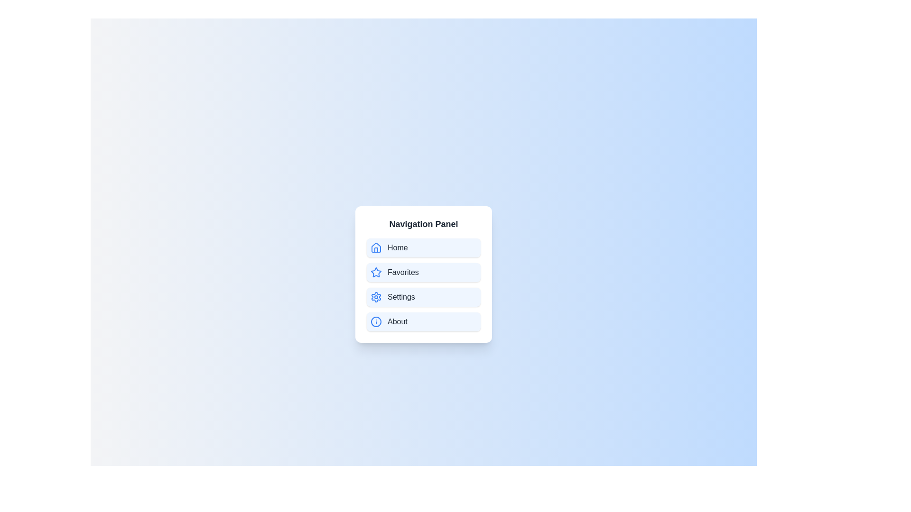 This screenshot has width=911, height=512. What do you see at coordinates (423, 247) in the screenshot?
I see `the 'Home' navigation button to potentially reveal tooltips or highlight it` at bounding box center [423, 247].